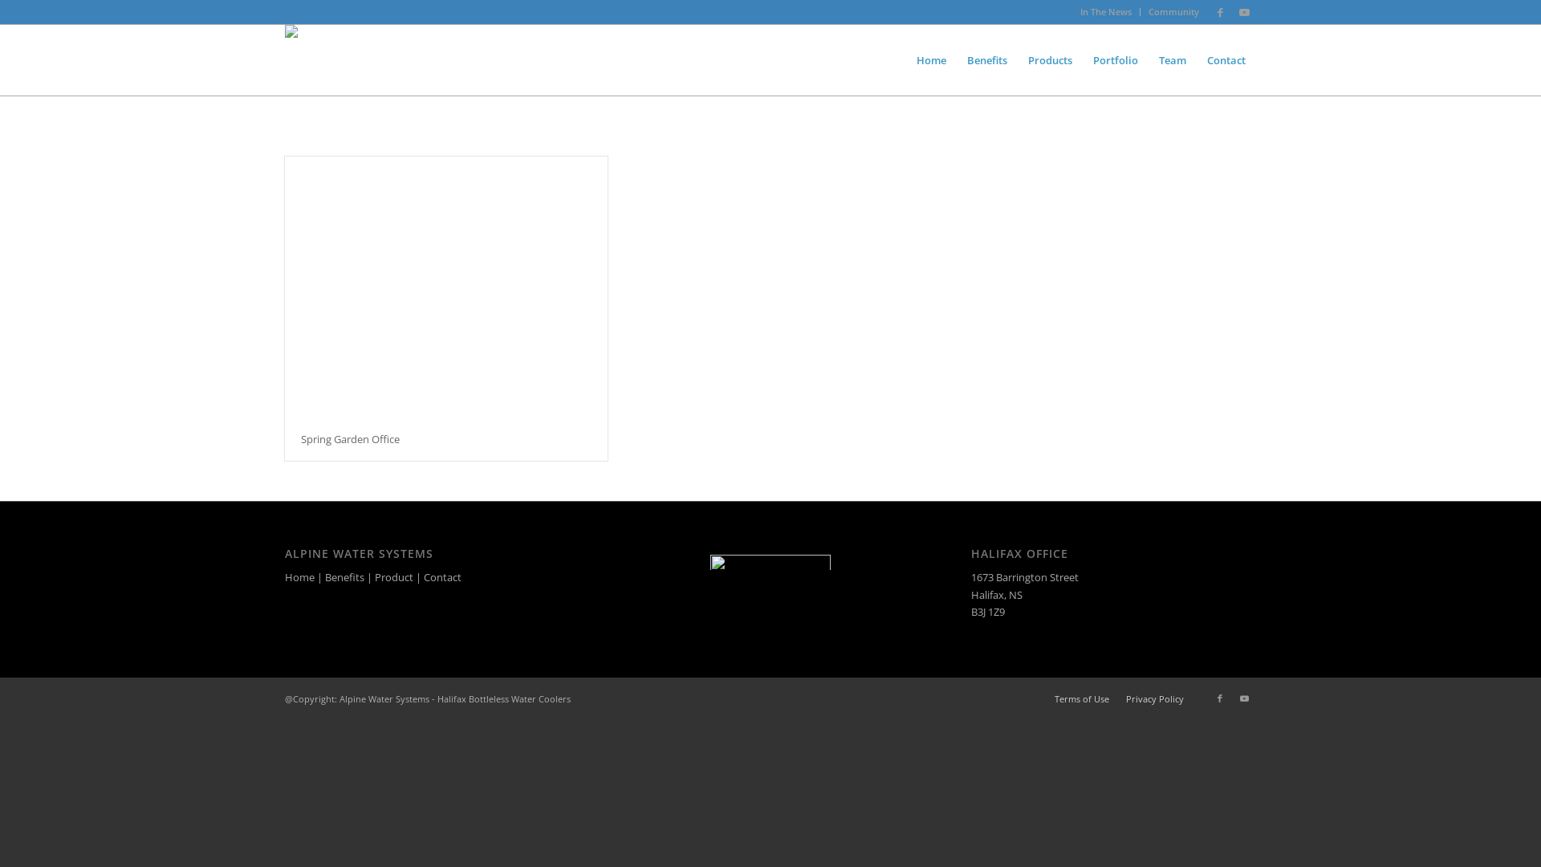  What do you see at coordinates (393, 576) in the screenshot?
I see `'Product'` at bounding box center [393, 576].